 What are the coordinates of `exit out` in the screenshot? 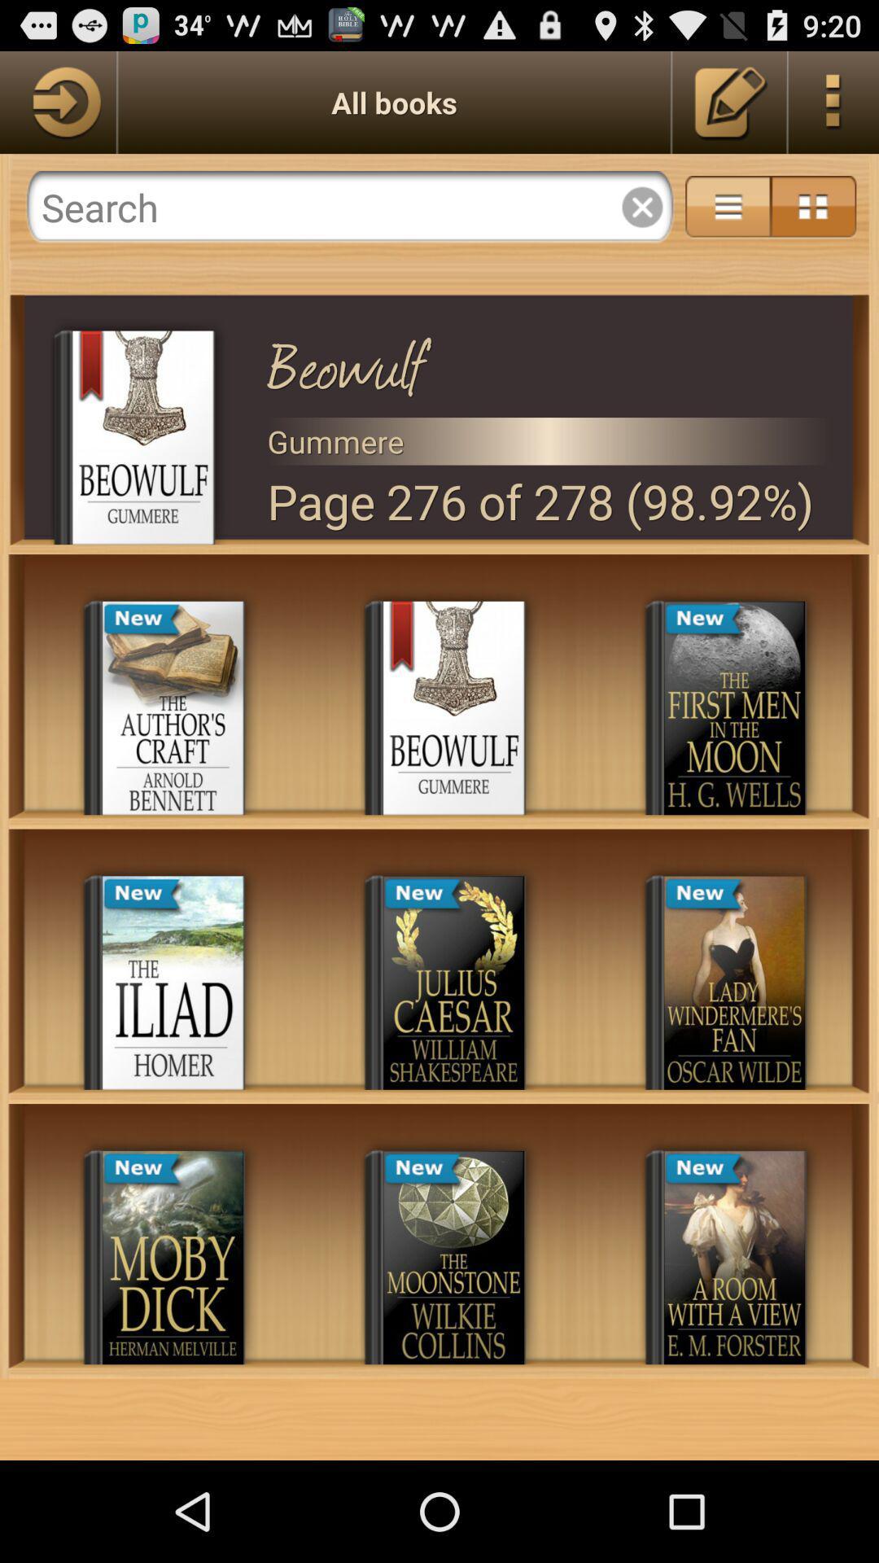 It's located at (641, 206).